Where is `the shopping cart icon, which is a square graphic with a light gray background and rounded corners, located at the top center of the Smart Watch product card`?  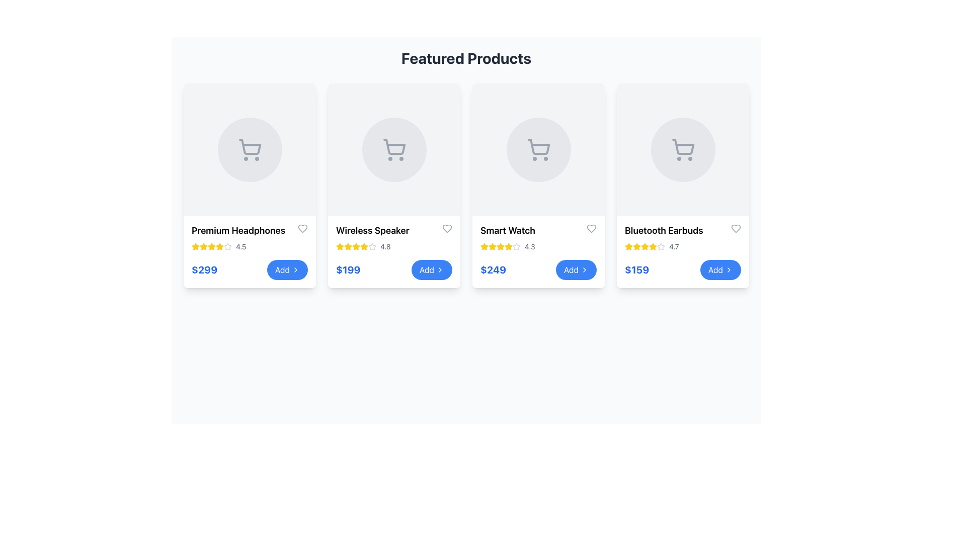
the shopping cart icon, which is a square graphic with a light gray background and rounded corners, located at the top center of the Smart Watch product card is located at coordinates (538, 149).